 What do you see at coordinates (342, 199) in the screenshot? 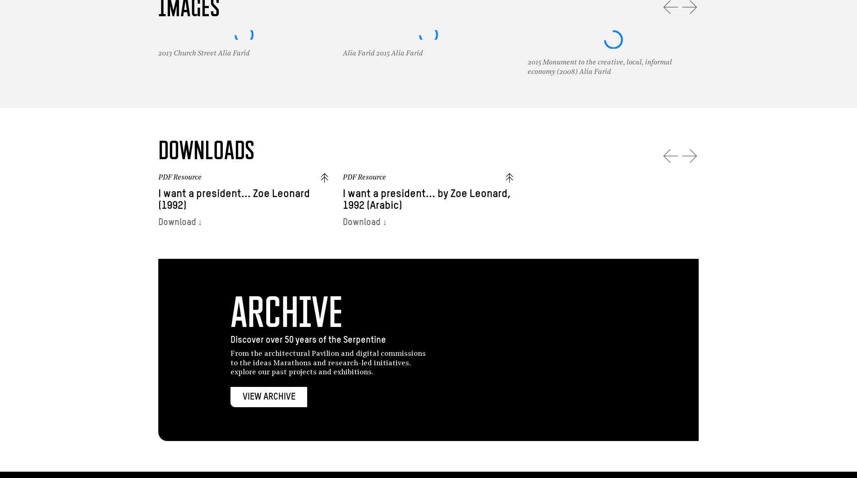
I see `'I want a president... by Zoe Leonard, 1992 (Arabic)'` at bounding box center [342, 199].